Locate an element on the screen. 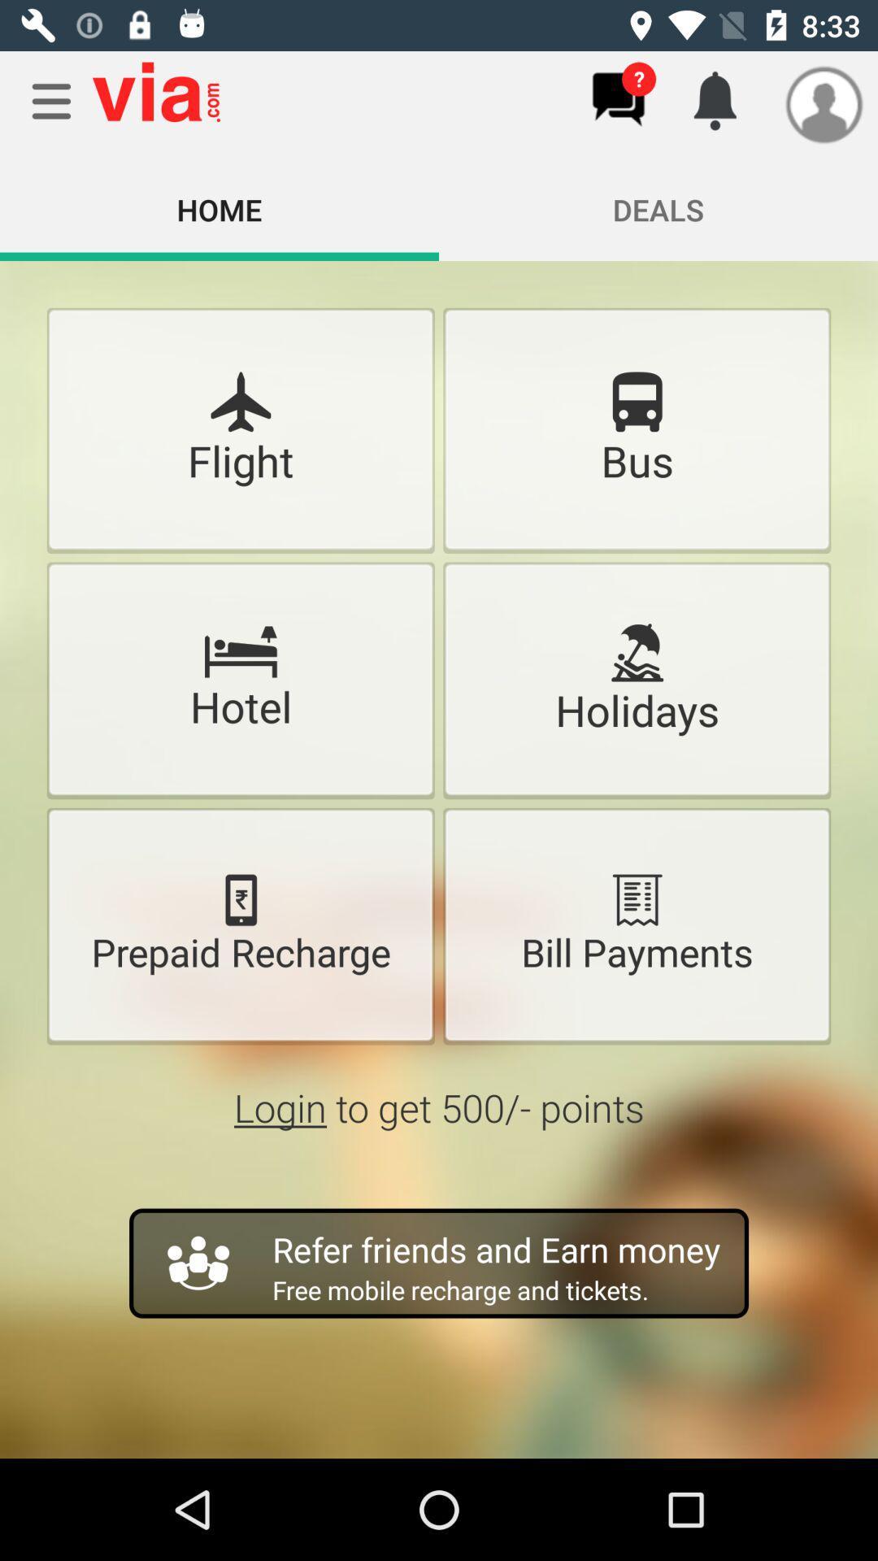 This screenshot has width=878, height=1561. messages is located at coordinates (618, 98).